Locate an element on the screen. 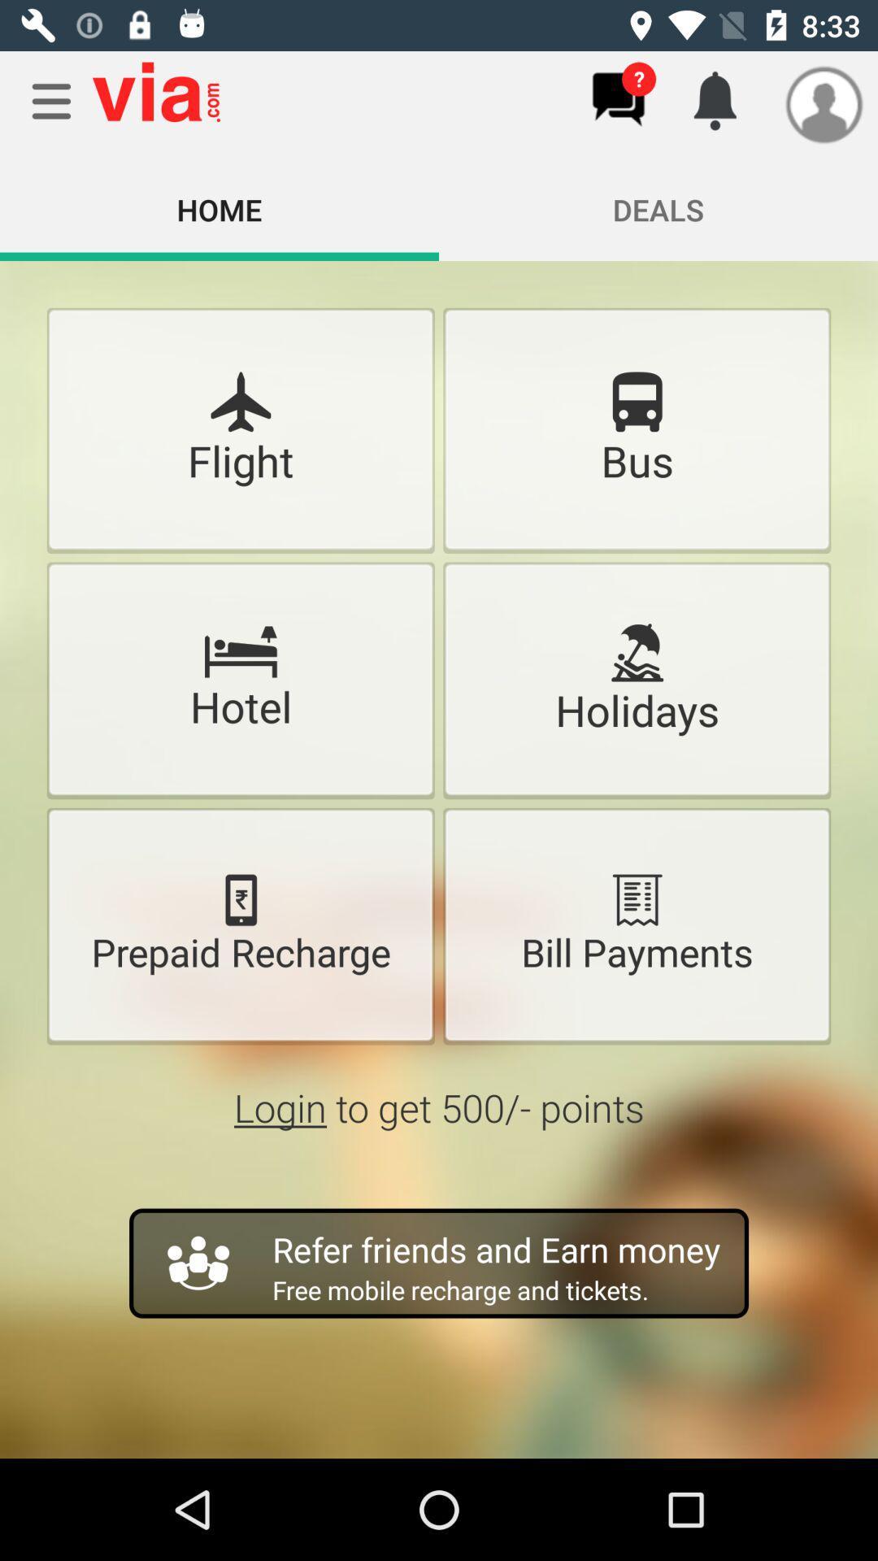 This screenshot has width=878, height=1561. messages is located at coordinates (618, 98).